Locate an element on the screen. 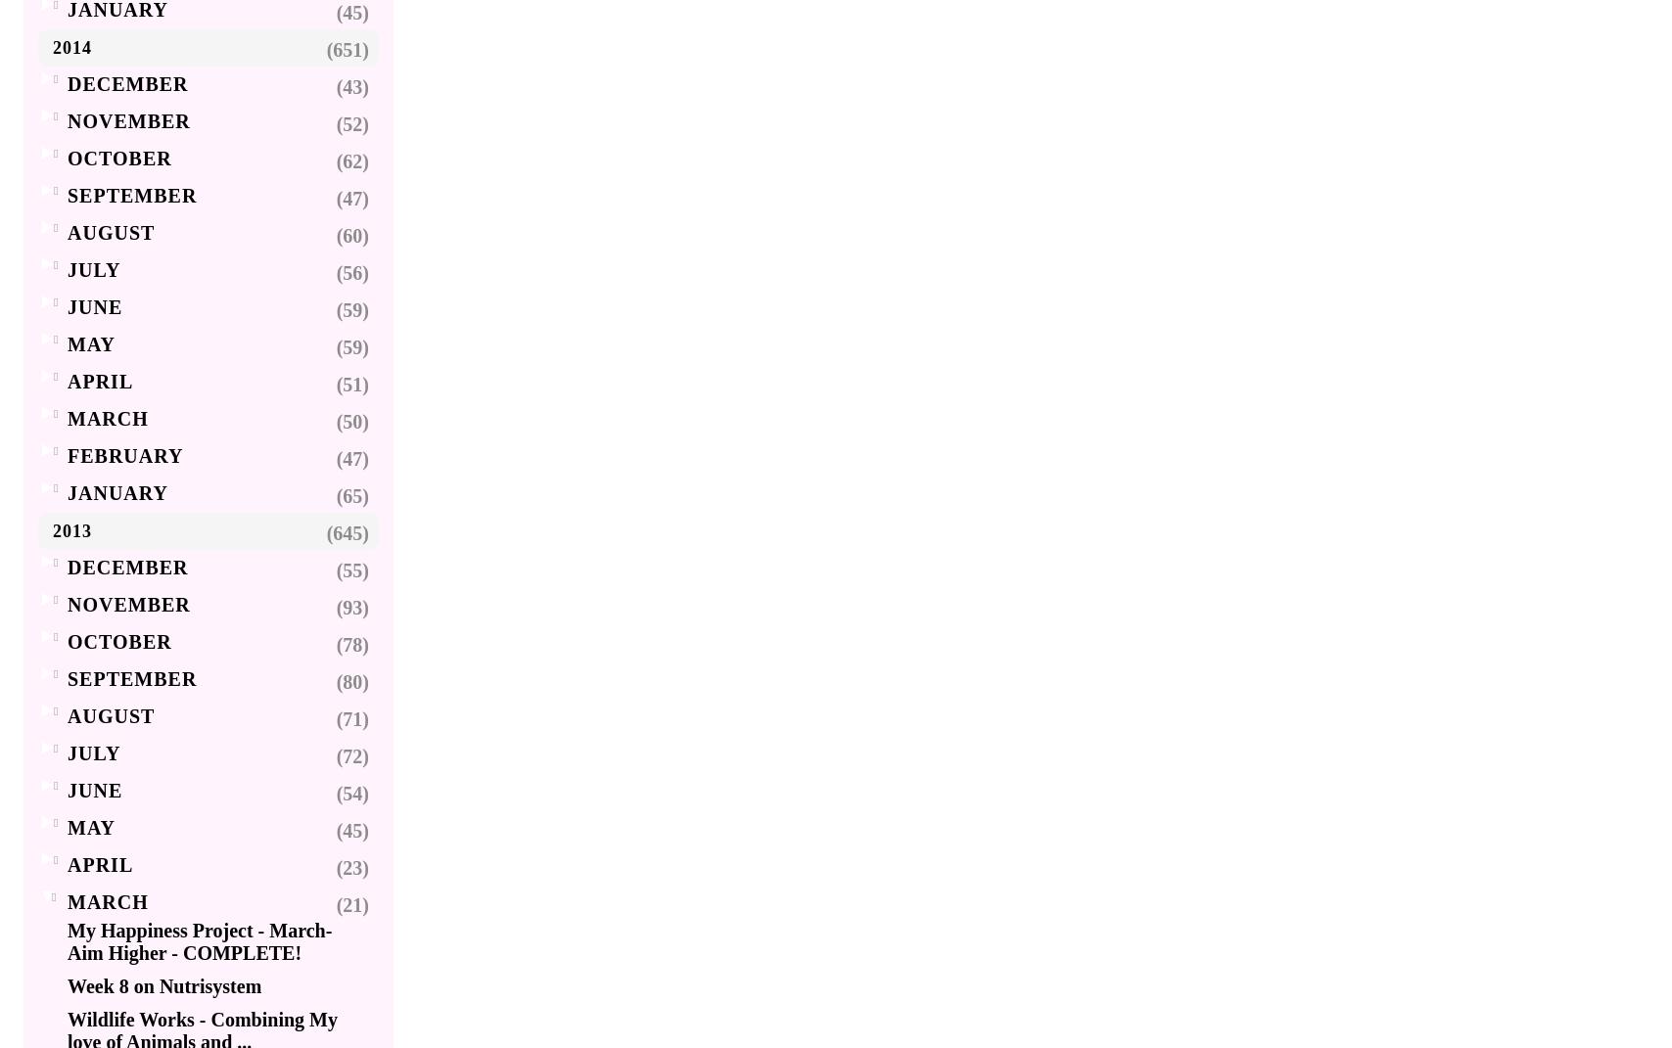 This screenshot has width=1672, height=1048. '(50)' is located at coordinates (352, 421).